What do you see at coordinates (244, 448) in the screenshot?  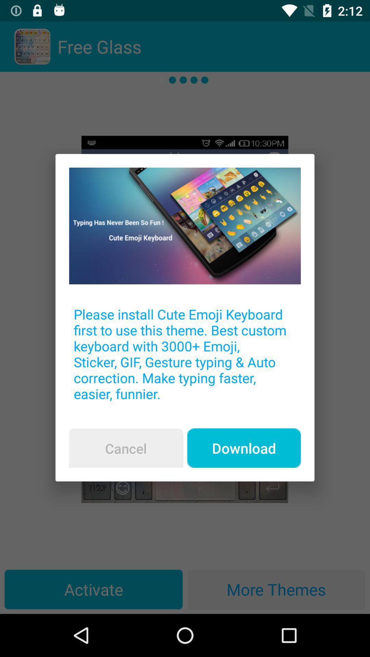 I see `download icon` at bounding box center [244, 448].